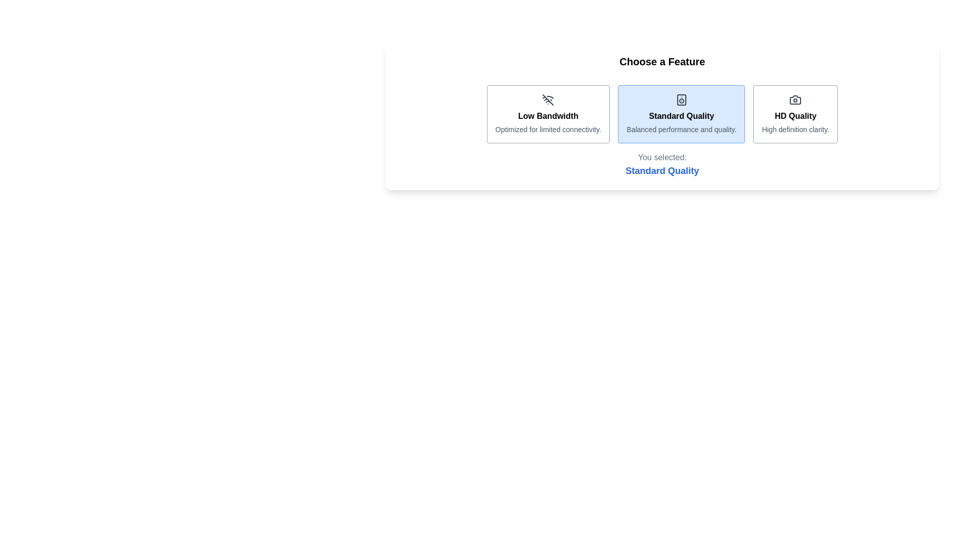 This screenshot has height=551, width=979. I want to click on the text label indicating the currently selected feature 'Standard Quality', which is centrally aligned in the lower section of the feature selection area, so click(662, 170).